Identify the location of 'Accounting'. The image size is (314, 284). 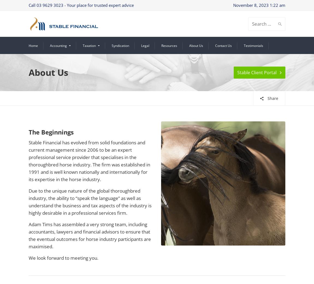
(58, 46).